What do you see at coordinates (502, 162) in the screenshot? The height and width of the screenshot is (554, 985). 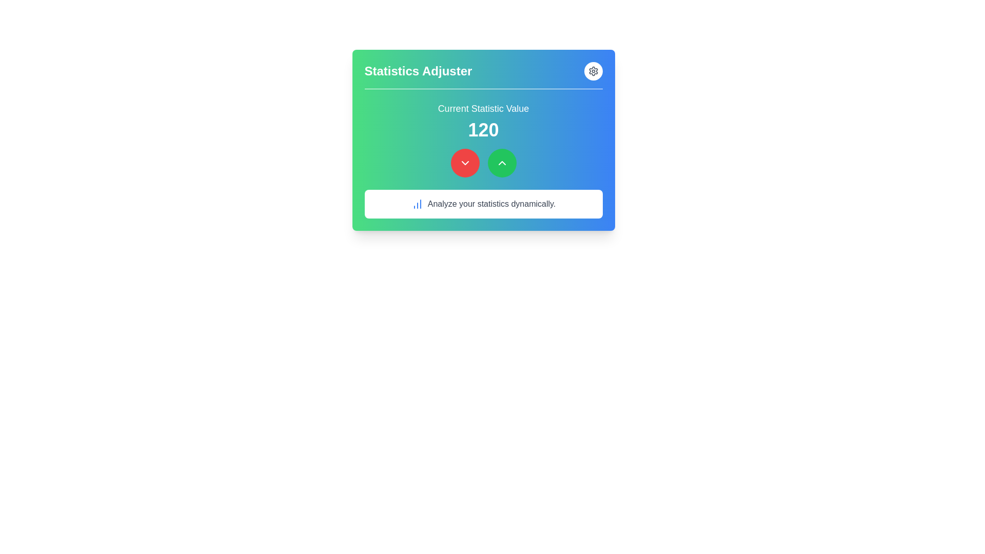 I see `the increment button, which is a green circular button located below the 'Current Statistic Value' label, to increase the displayed statistic value` at bounding box center [502, 162].